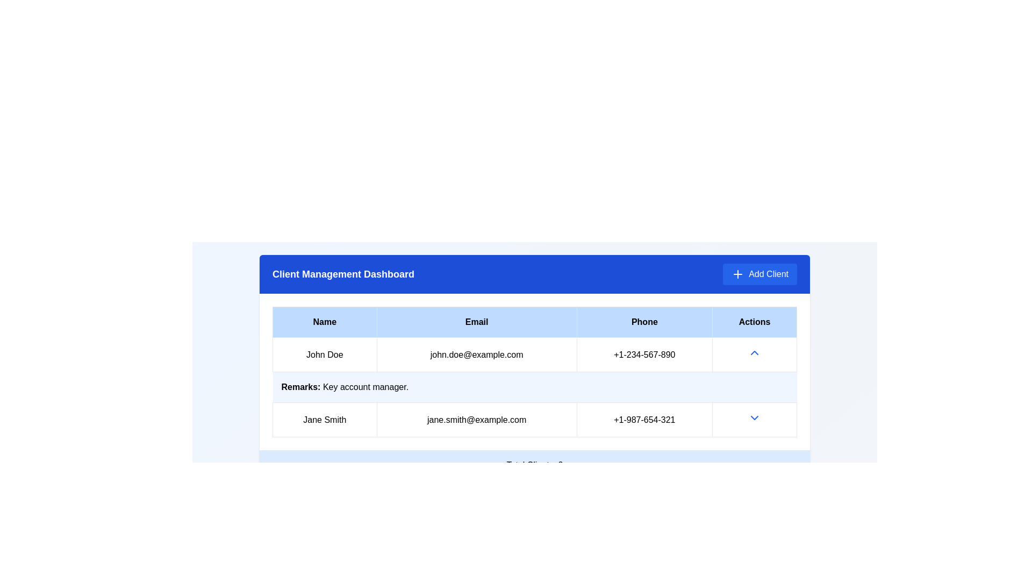  What do you see at coordinates (644, 321) in the screenshot?
I see `the 'Phone' label in the table header, which has a light blue background and bold black text, located as the third column header` at bounding box center [644, 321].